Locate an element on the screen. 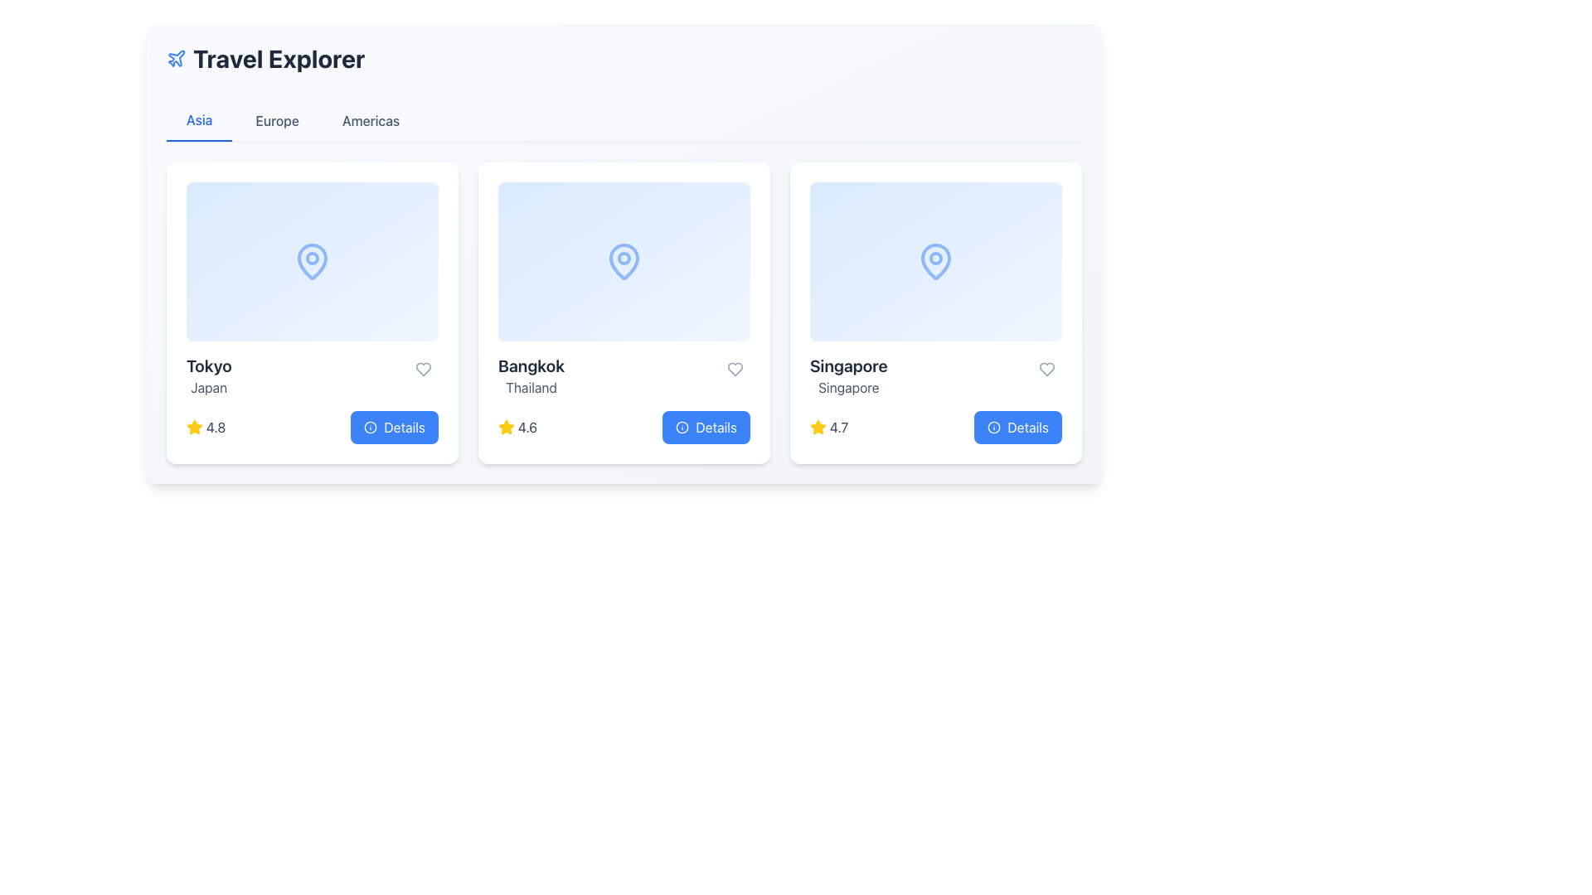 This screenshot has width=1592, height=895. the static text label displaying 'Japan', which is located directly below the bolded 'Tokyo' text in the leftmost card of a 3-column grid is located at coordinates (208, 387).